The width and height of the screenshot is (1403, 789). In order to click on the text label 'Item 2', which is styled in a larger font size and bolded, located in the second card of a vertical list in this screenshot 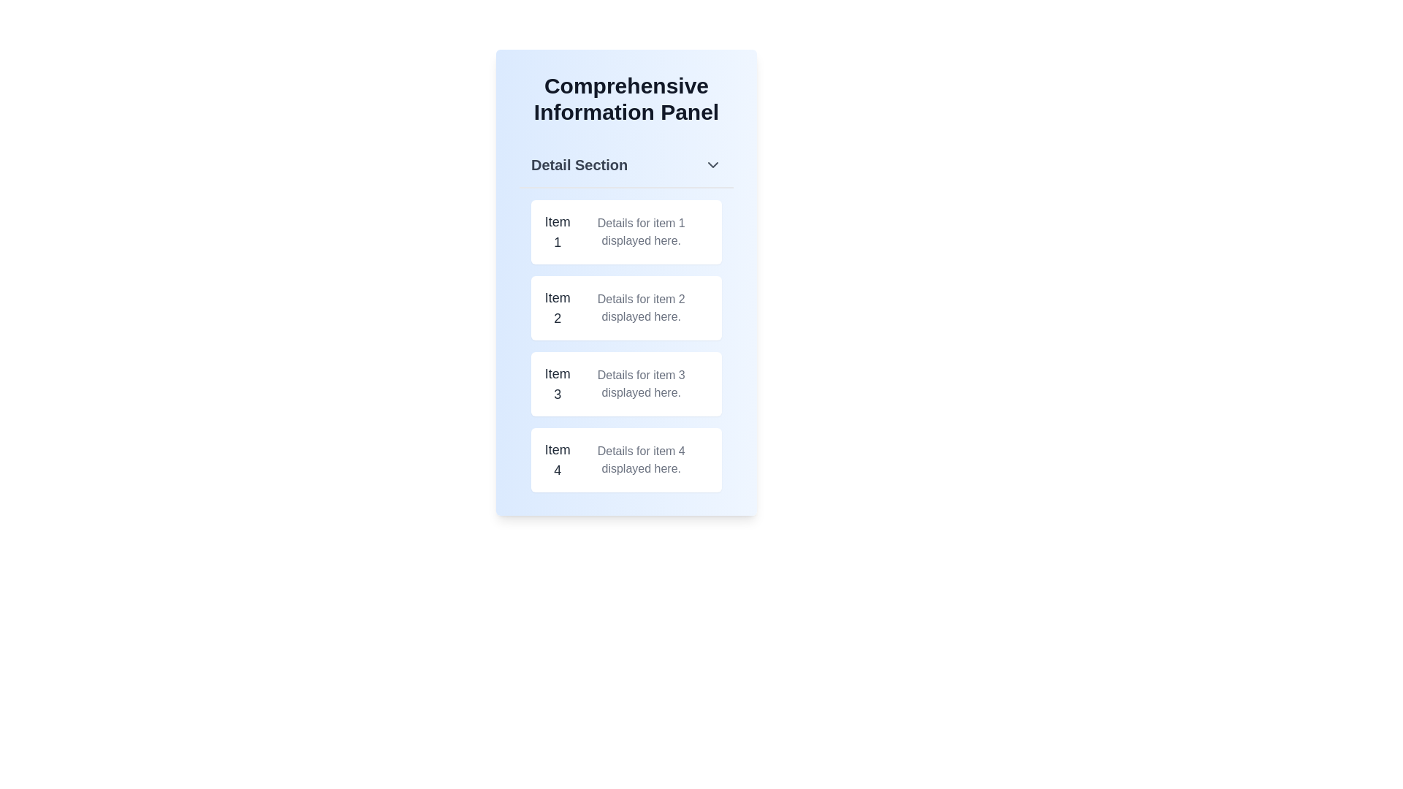, I will do `click(557, 307)`.